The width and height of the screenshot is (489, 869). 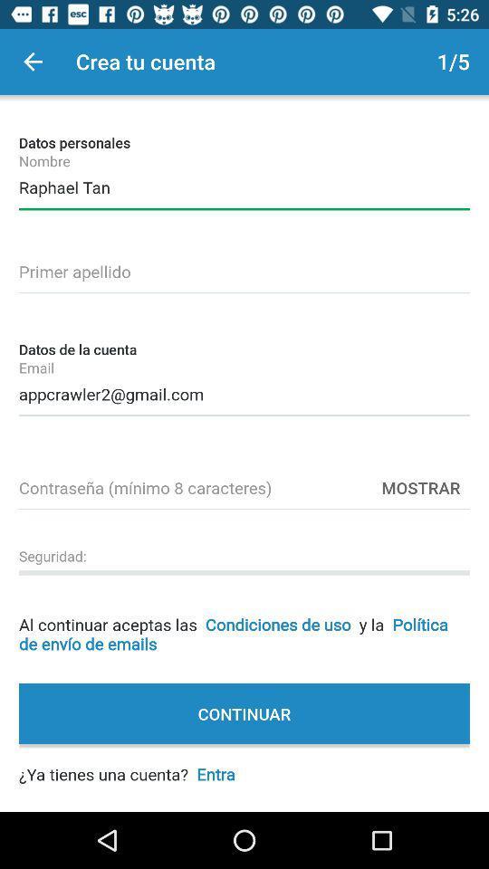 I want to click on text not english, so click(x=244, y=268).